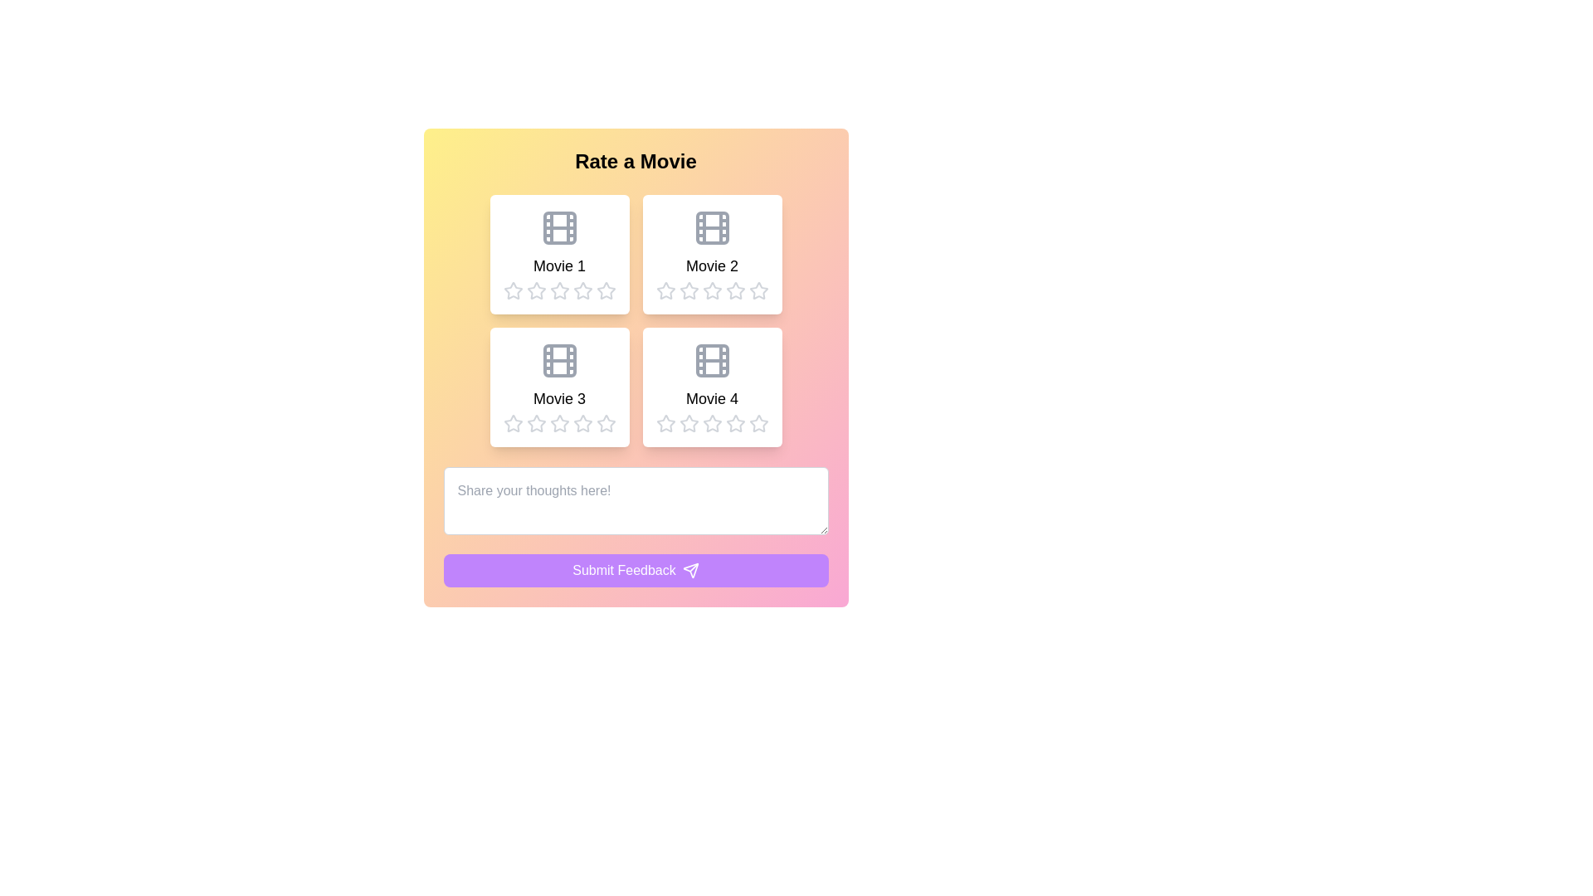 The width and height of the screenshot is (1593, 896). I want to click on the first star icon in the rating row for 'Movie 4' to rate it, so click(665, 422).